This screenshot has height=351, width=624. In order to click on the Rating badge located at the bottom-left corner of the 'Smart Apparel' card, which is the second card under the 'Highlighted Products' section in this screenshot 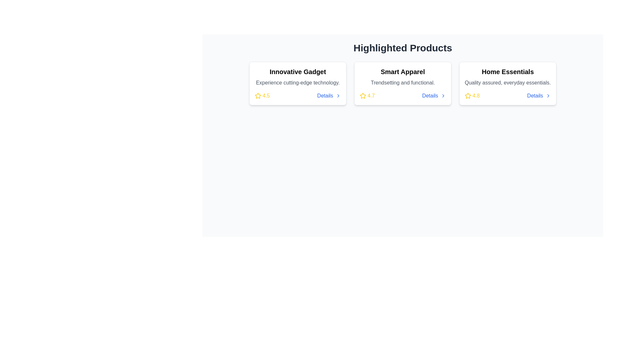, I will do `click(367, 96)`.